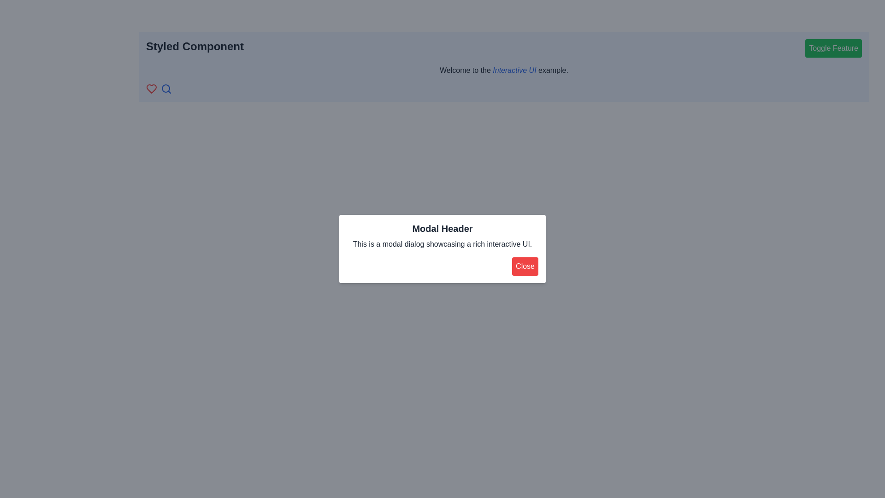  I want to click on the heart icon, which is the first in a horizontal arrangement of icons under the header 'Styled Component', so click(152, 89).